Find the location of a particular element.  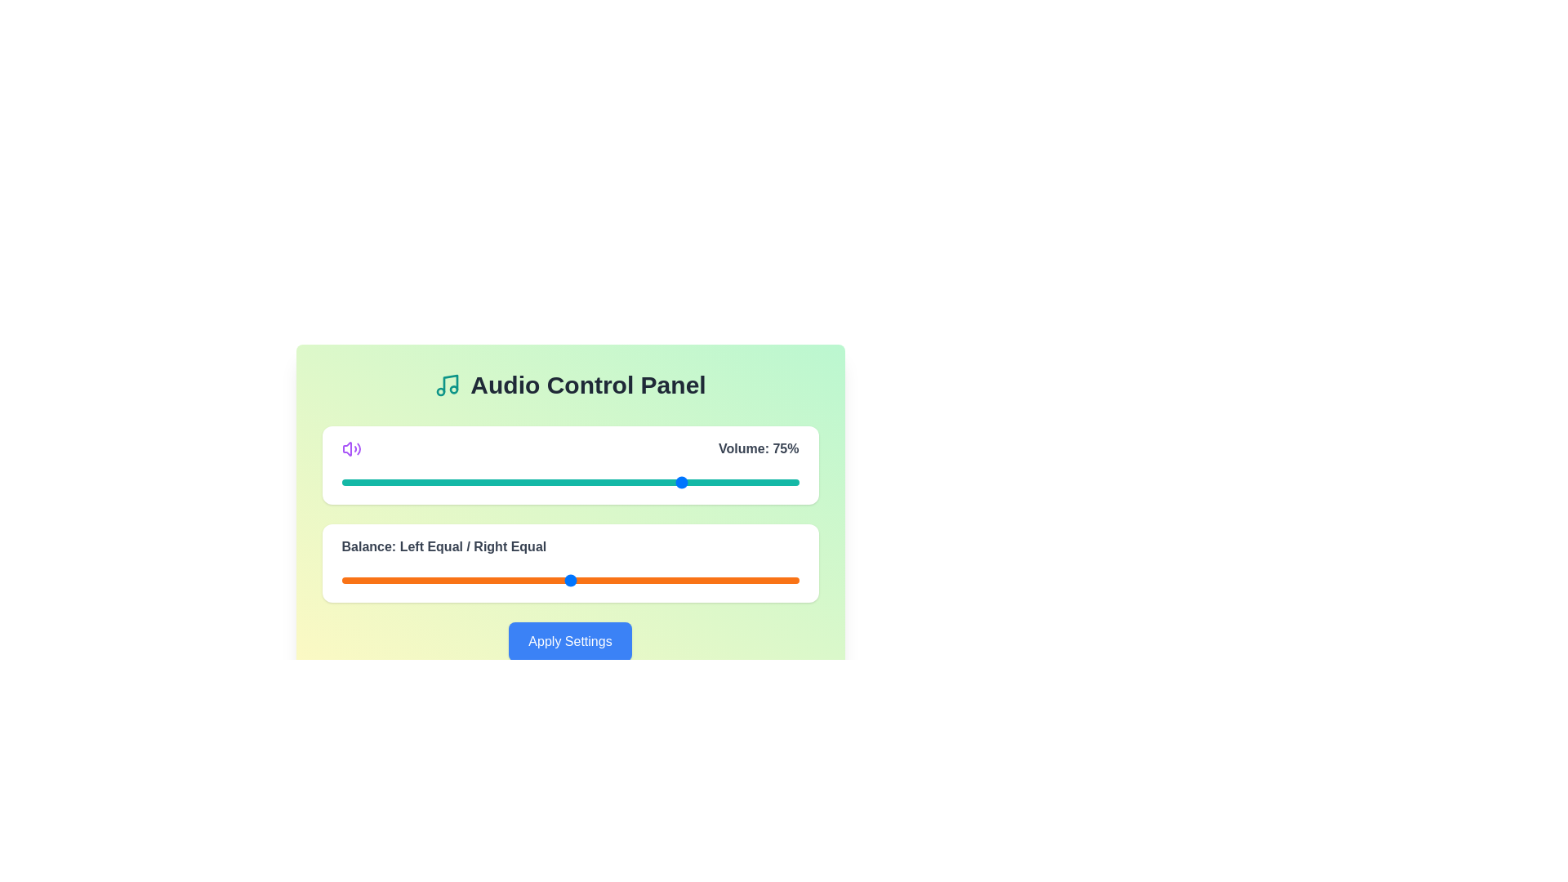

the volume slider to 33 percent is located at coordinates (492, 481).